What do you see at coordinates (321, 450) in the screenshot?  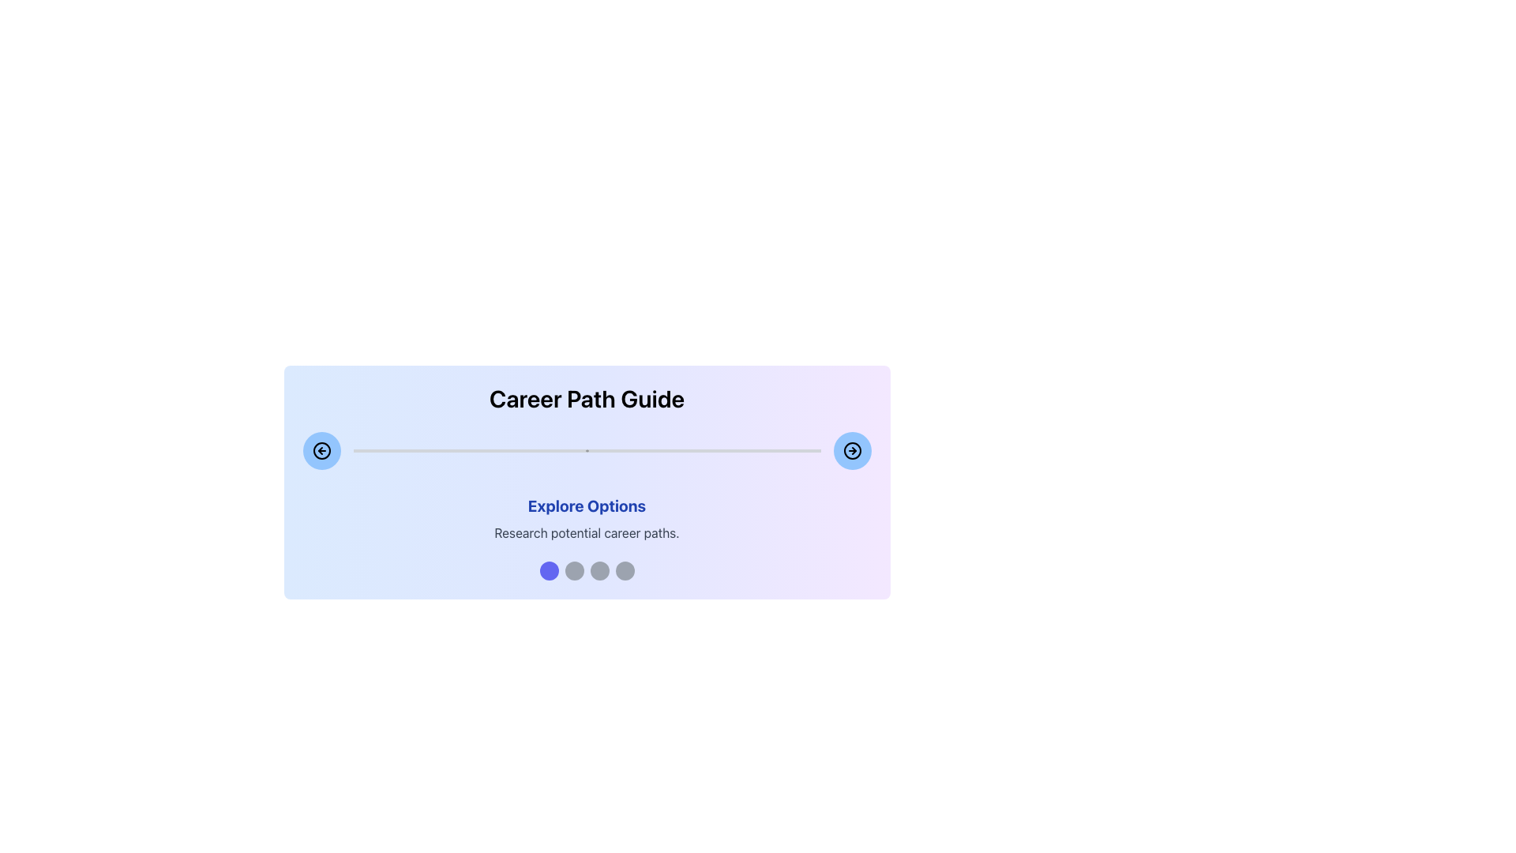 I see `the circular button with a light blue background and a thick black border, which contains a black circular arrow pointing left, located in the top-left corner of its row for visual feedback` at bounding box center [321, 450].